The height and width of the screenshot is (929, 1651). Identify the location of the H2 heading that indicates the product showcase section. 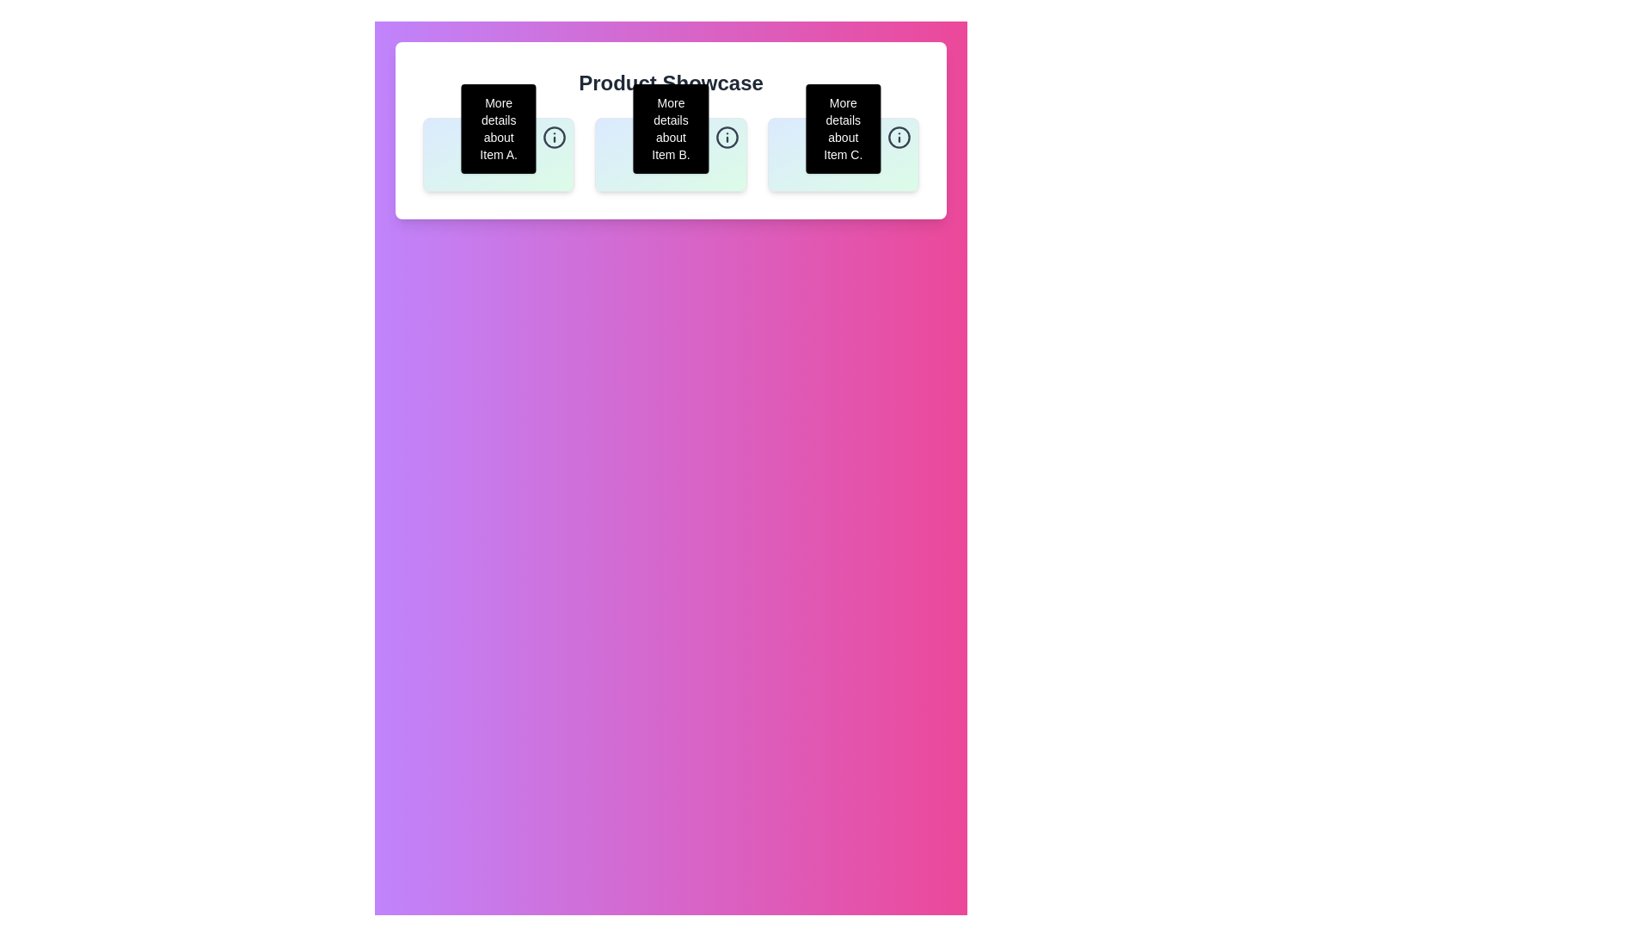
(670, 83).